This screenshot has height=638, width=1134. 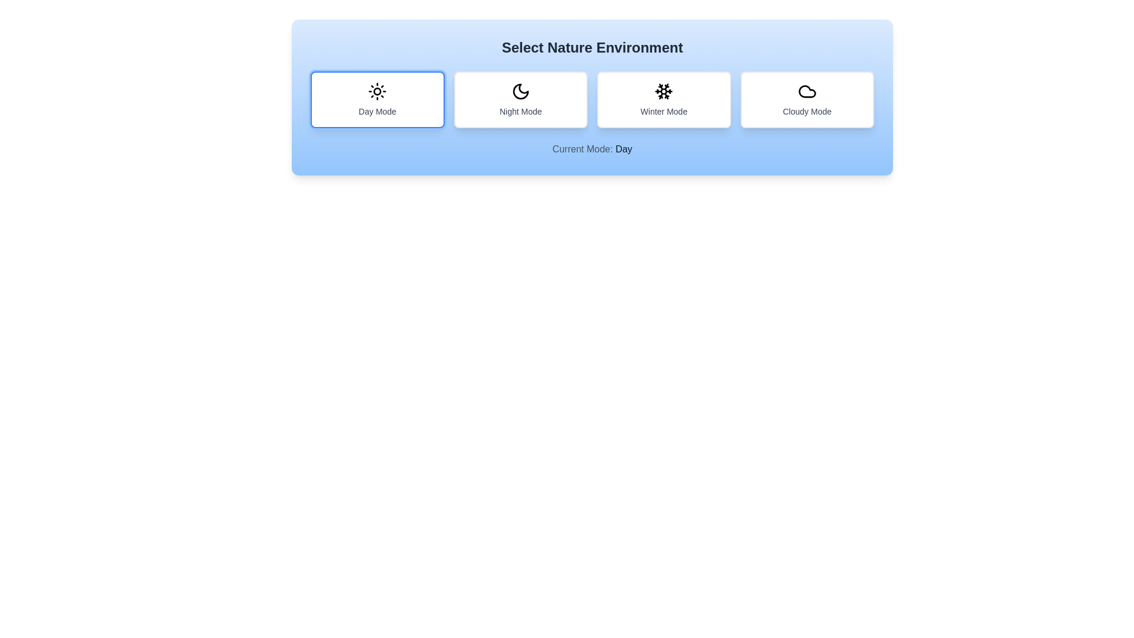 I want to click on the mode by clicking on the corresponding button for Night Mode, so click(x=520, y=99).